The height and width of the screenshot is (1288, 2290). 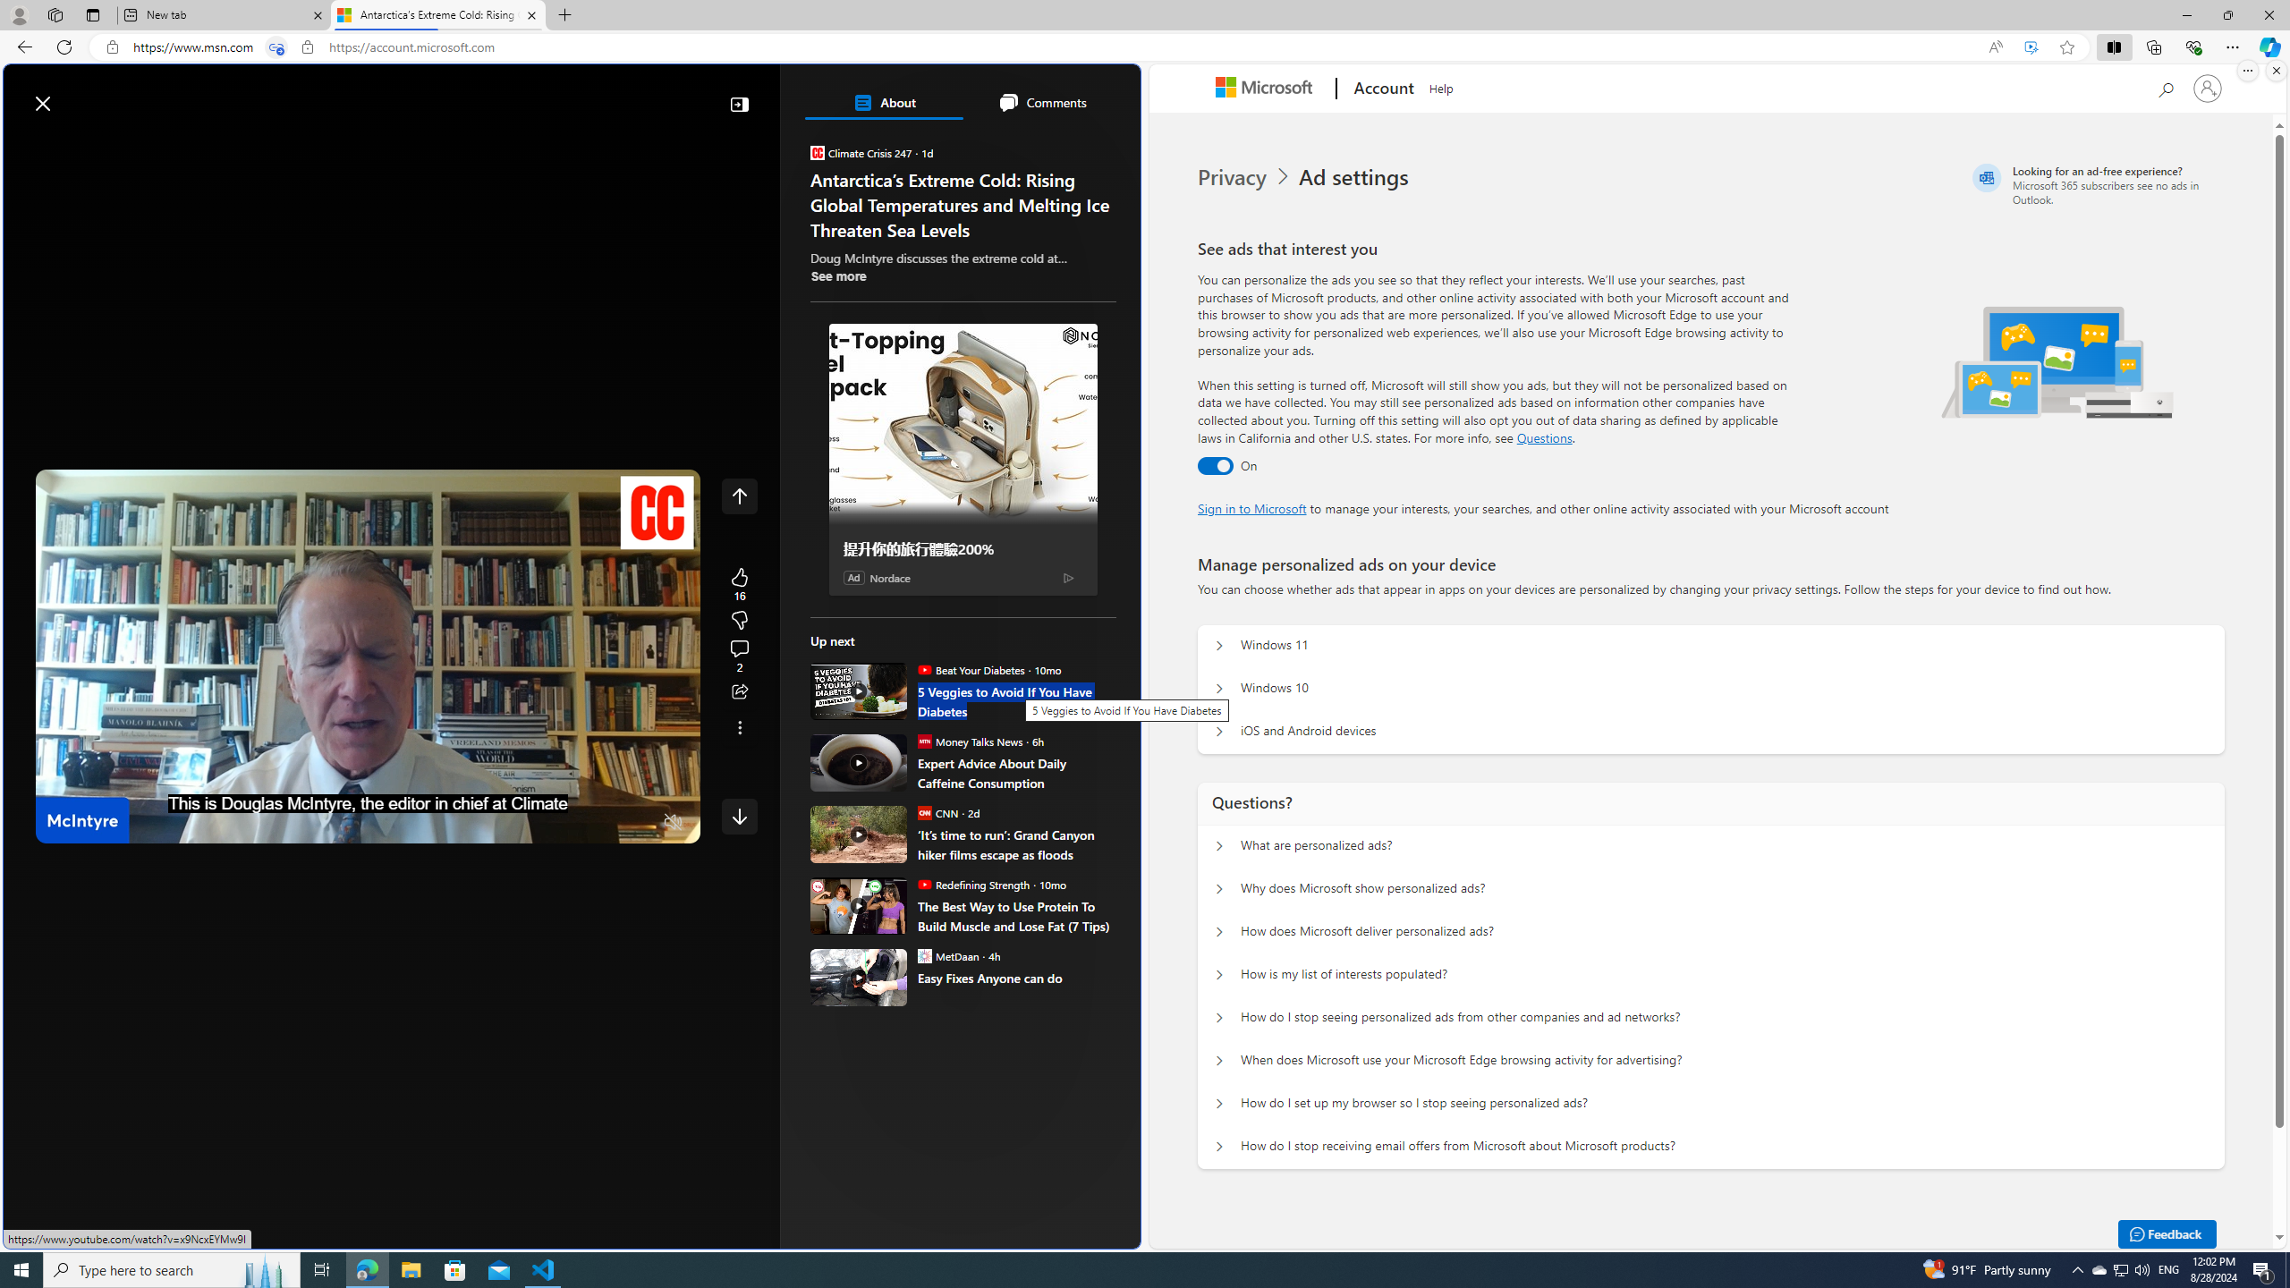 I want to click on '5 Veggies to Avoid If You Have Diabetes', so click(x=1016, y=701).